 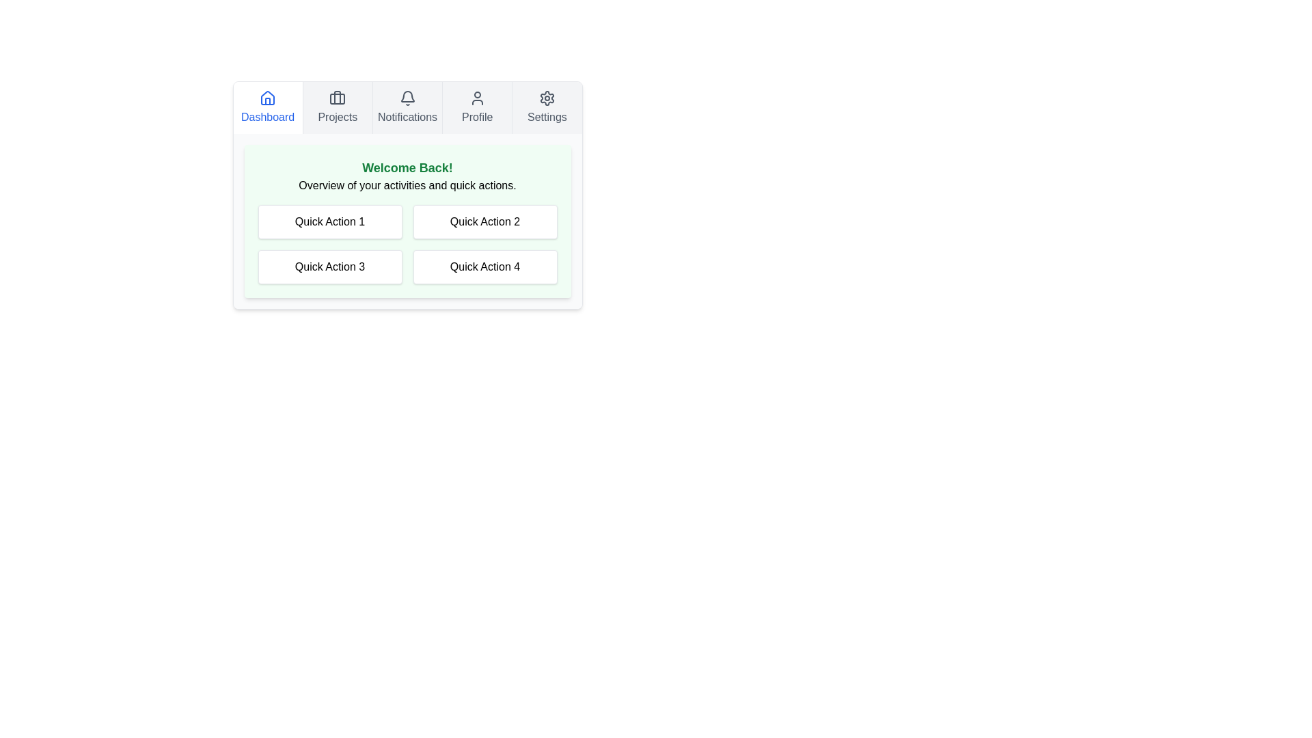 I want to click on the first navigation button in the top navigation bar to redirect to the Dashboard section, so click(x=268, y=107).